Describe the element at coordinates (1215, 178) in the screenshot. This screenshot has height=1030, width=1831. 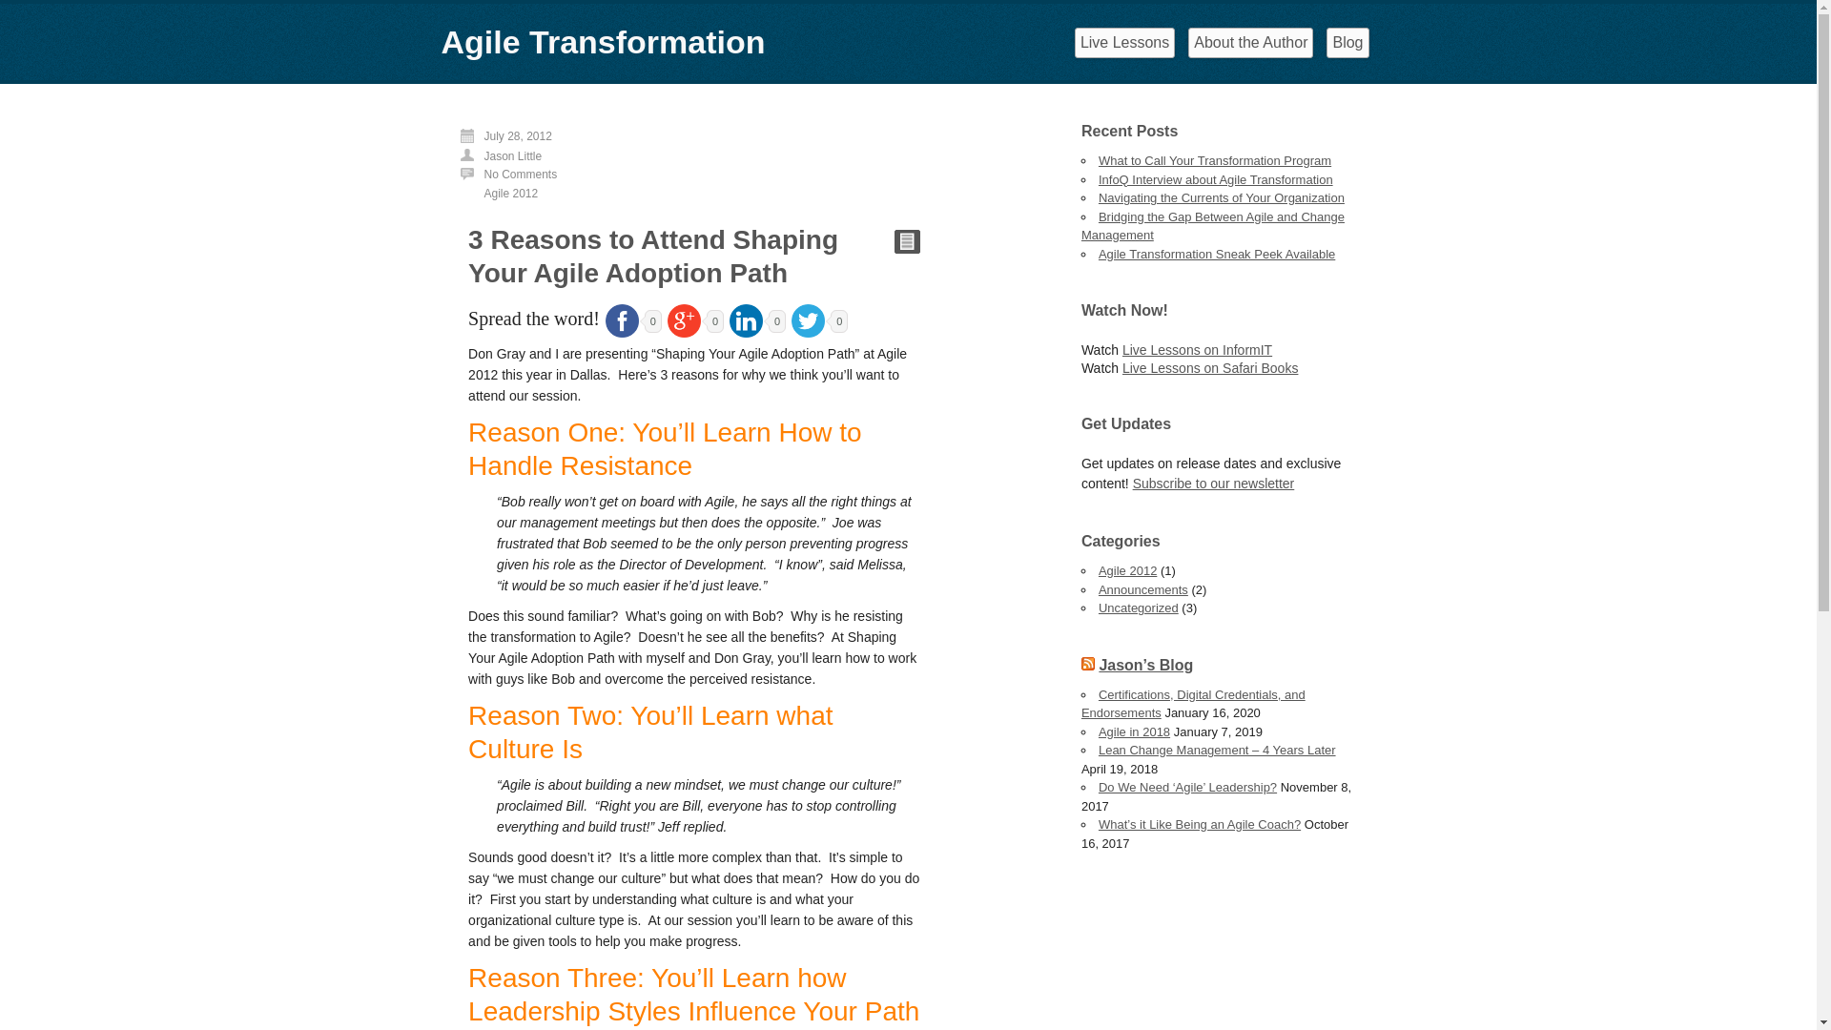
I see `'InfoQ Interview about Agile Transformation'` at that location.